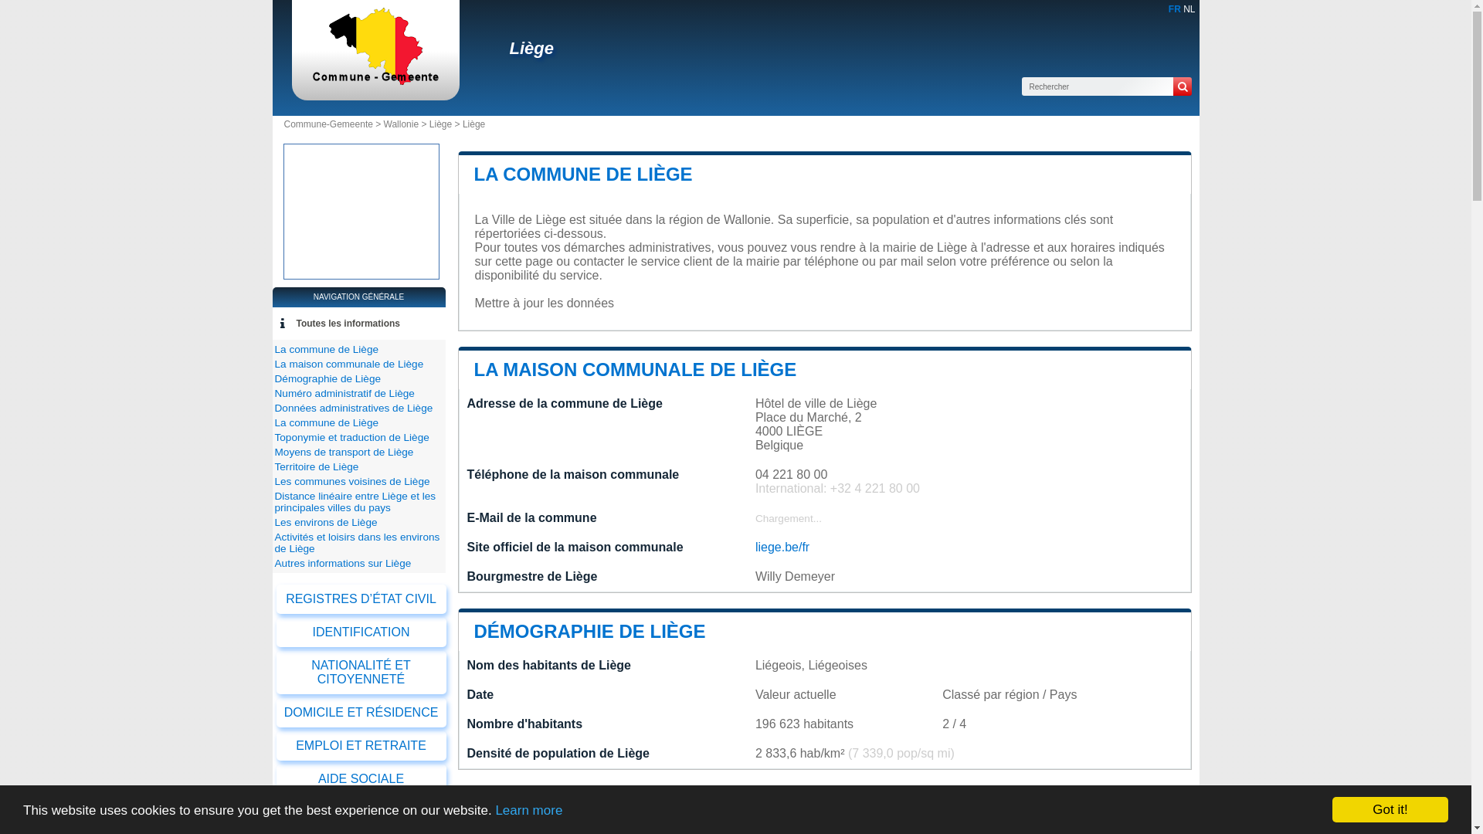 Image resolution: width=1483 pixels, height=834 pixels. What do you see at coordinates (360, 779) in the screenshot?
I see `'AIDE SOCIALE'` at bounding box center [360, 779].